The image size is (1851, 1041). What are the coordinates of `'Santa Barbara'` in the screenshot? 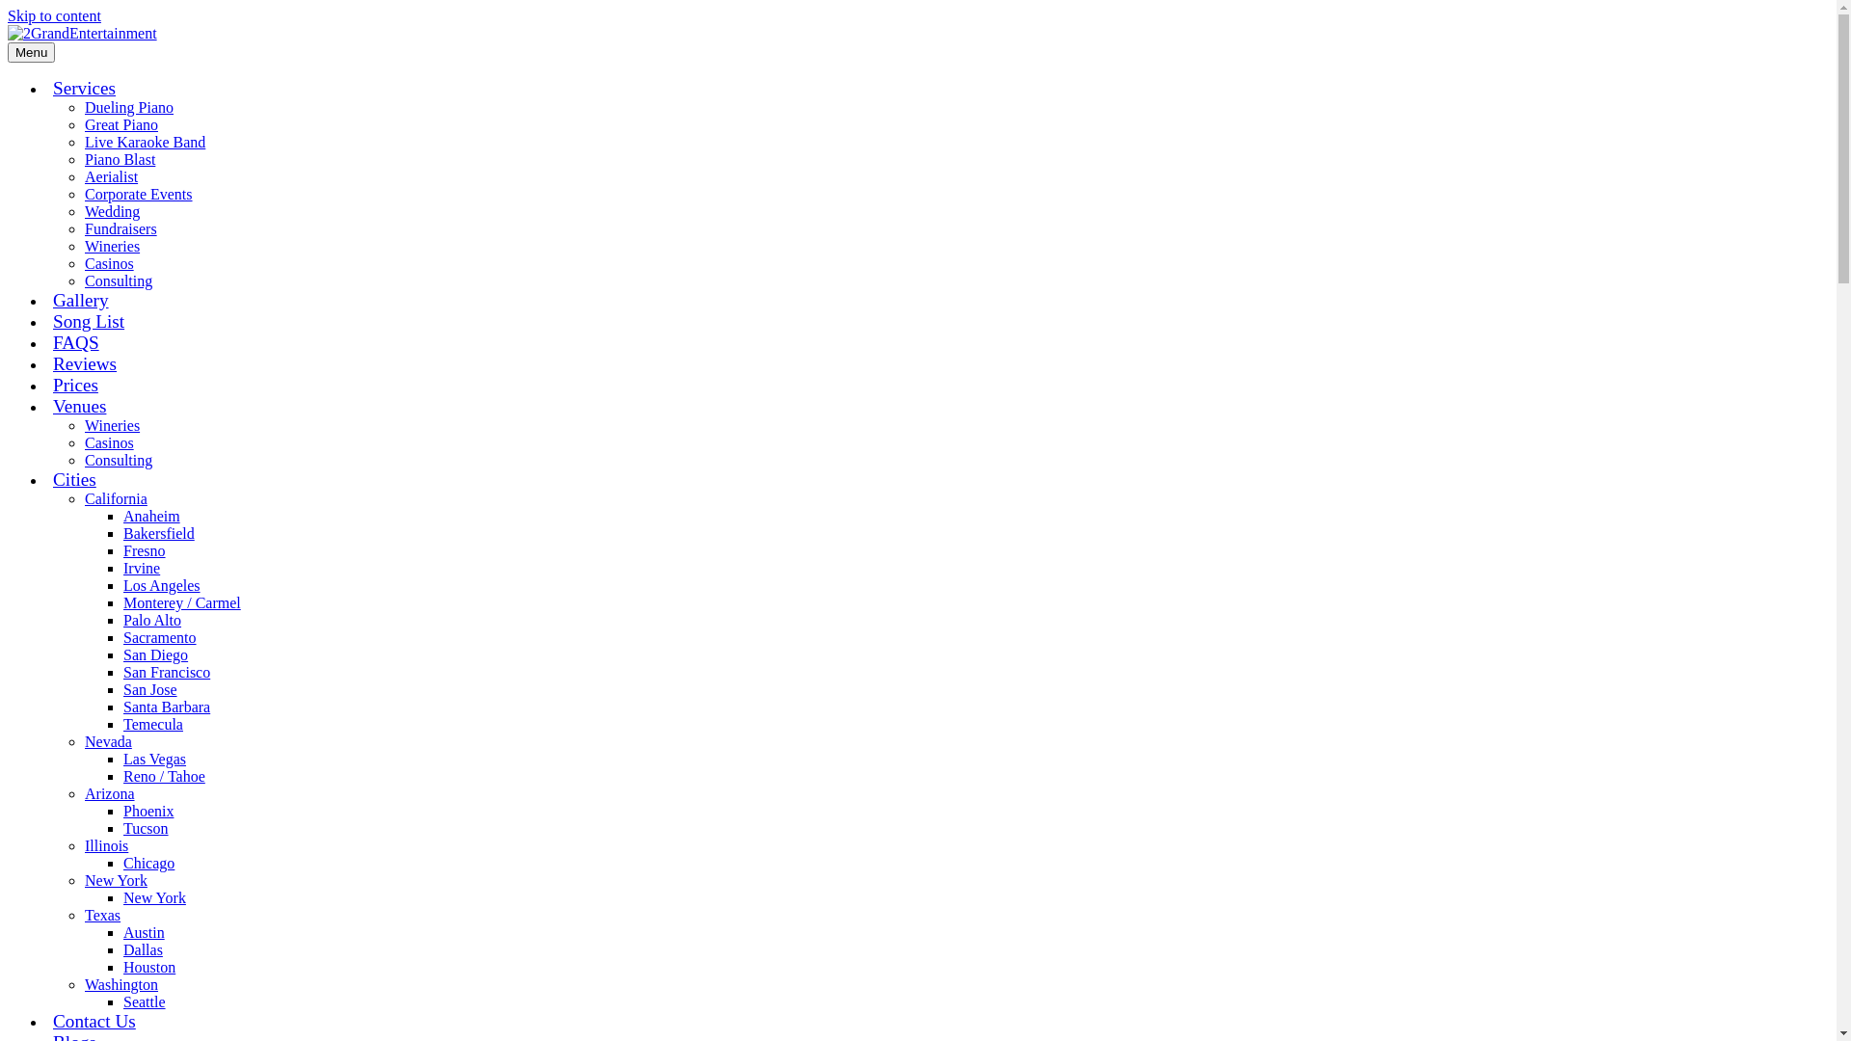 It's located at (166, 707).